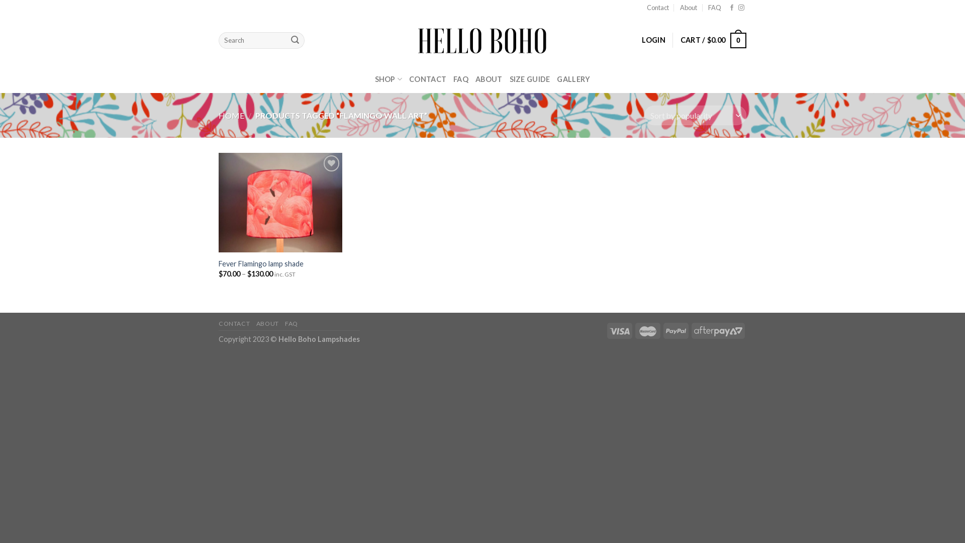 This screenshot has width=965, height=543. What do you see at coordinates (714, 8) in the screenshot?
I see `'FAQ'` at bounding box center [714, 8].